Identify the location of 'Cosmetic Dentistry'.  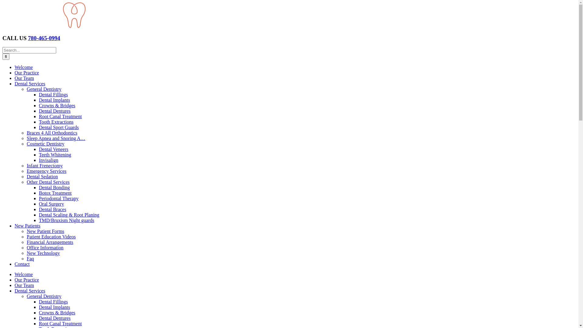
(45, 144).